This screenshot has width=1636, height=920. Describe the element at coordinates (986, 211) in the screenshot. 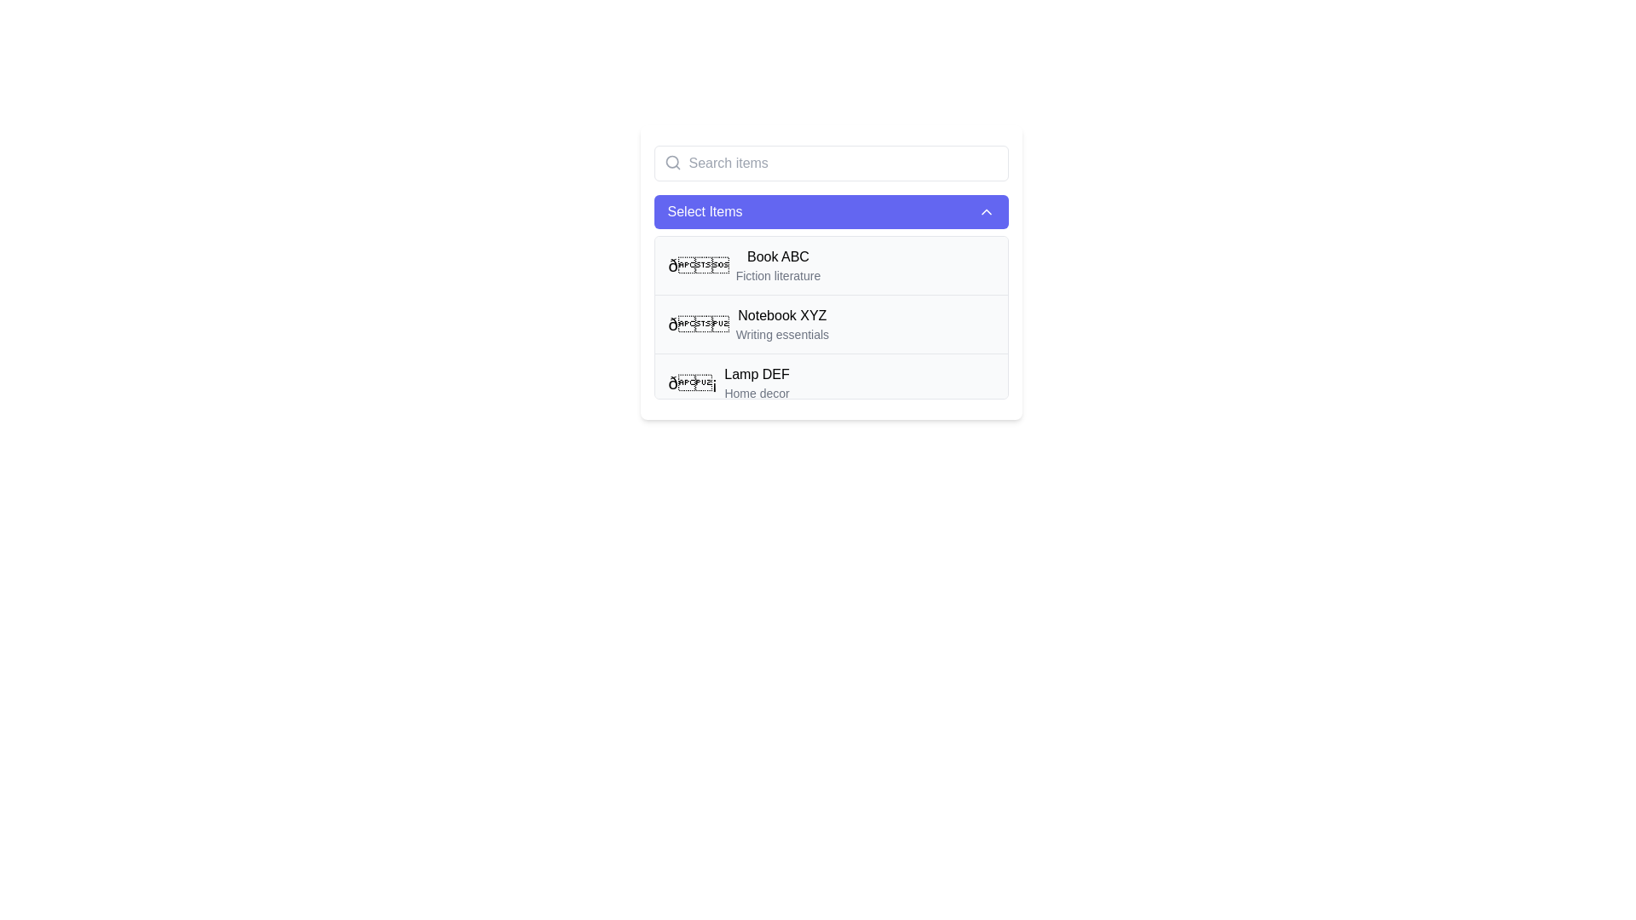

I see `the upward-pointing chevron icon located on the right side of the 'Select Items' button` at that location.